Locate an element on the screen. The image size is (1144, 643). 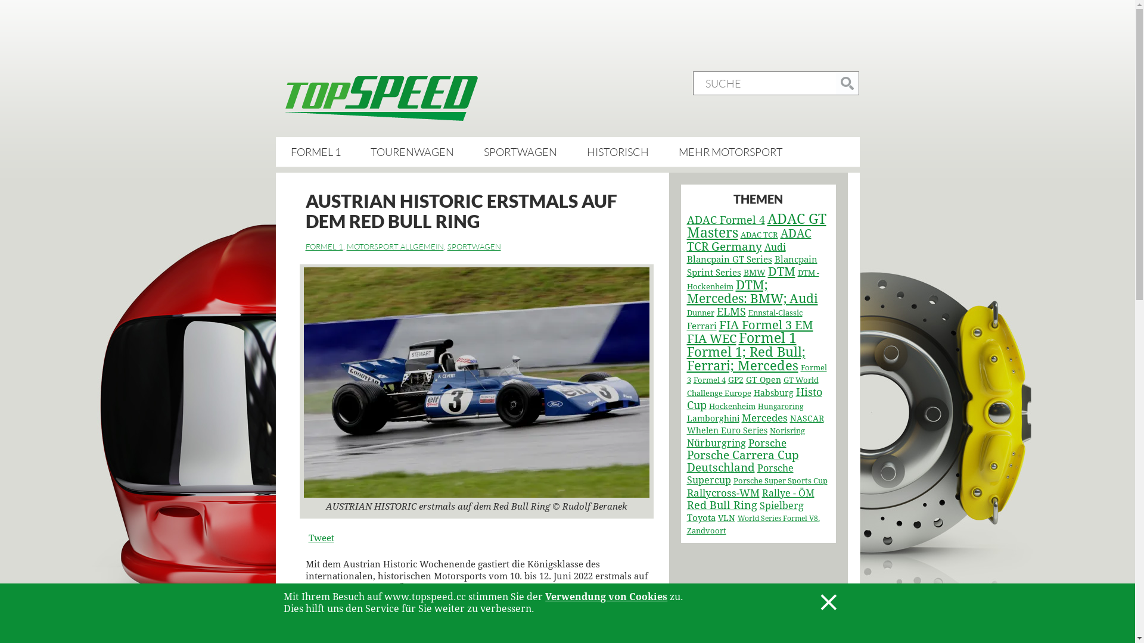
'ADAC TCR' is located at coordinates (758, 235).